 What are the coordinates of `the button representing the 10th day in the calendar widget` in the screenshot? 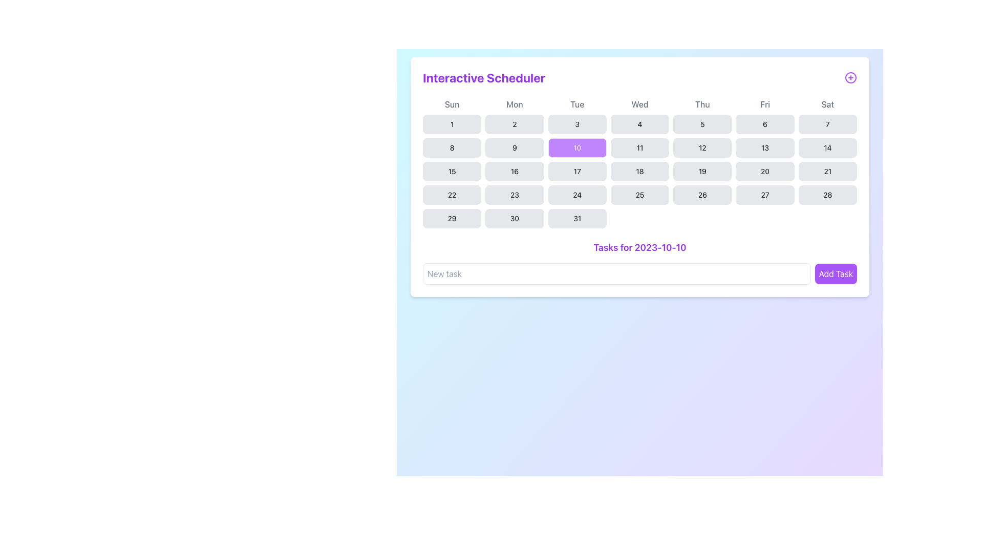 It's located at (577, 148).